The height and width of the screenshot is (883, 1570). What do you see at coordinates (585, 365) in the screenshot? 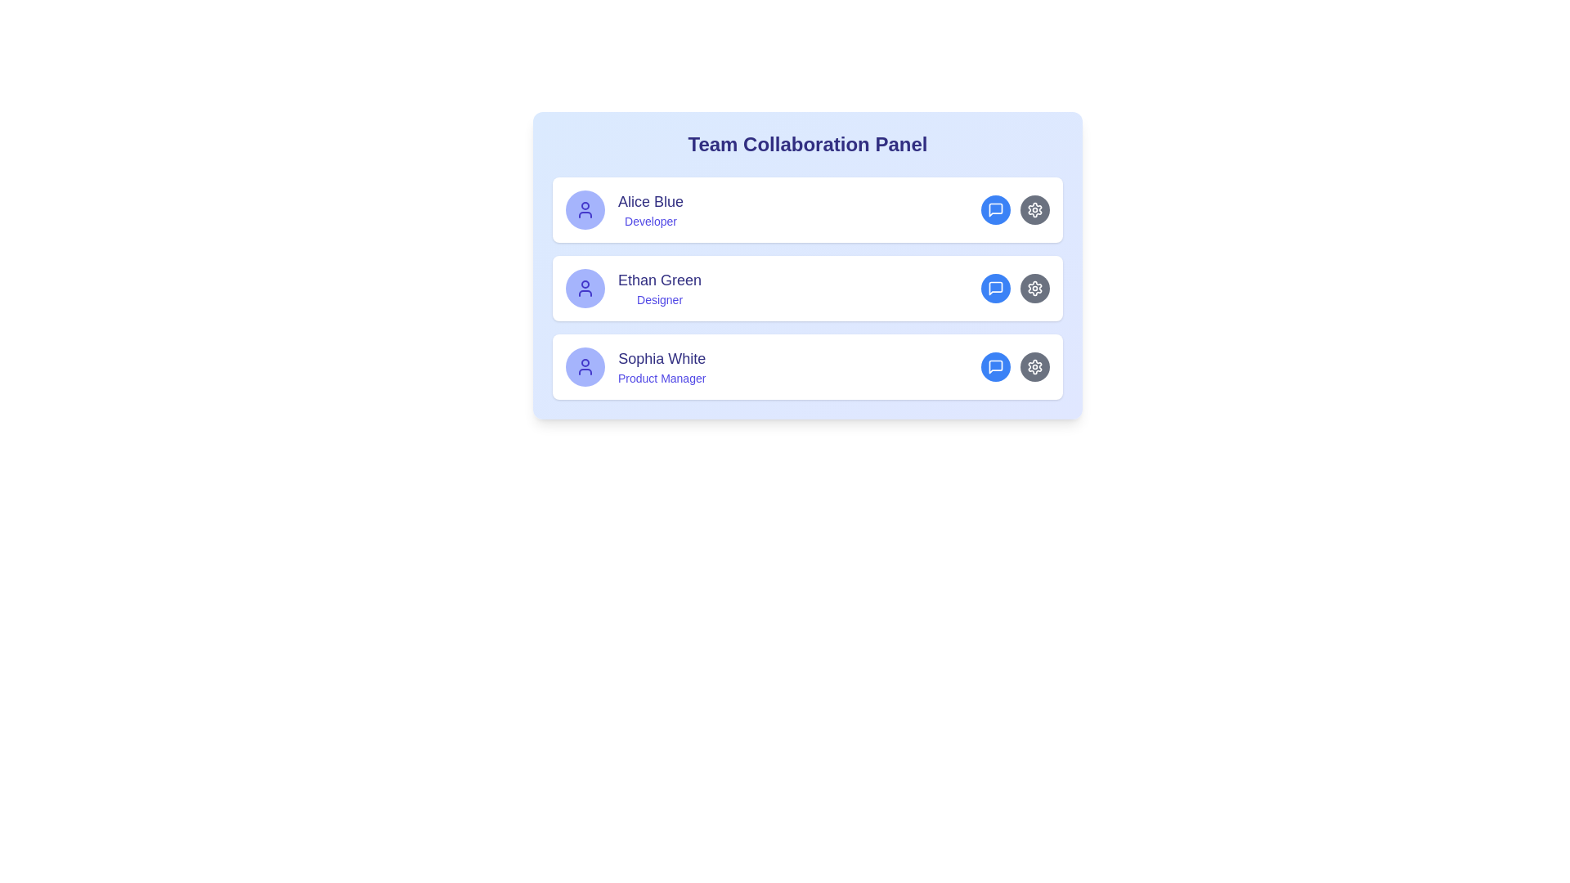
I see `the user icon for 'Sophia White, Product Manager', which is a circular icon with an indigo head and semi-circular body, located inside a light indigo background` at bounding box center [585, 365].